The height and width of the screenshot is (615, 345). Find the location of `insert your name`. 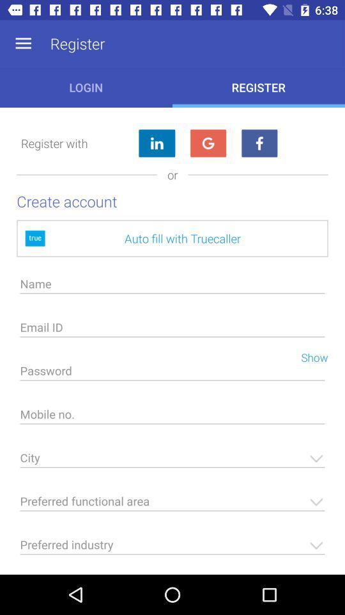

insert your name is located at coordinates (172, 287).